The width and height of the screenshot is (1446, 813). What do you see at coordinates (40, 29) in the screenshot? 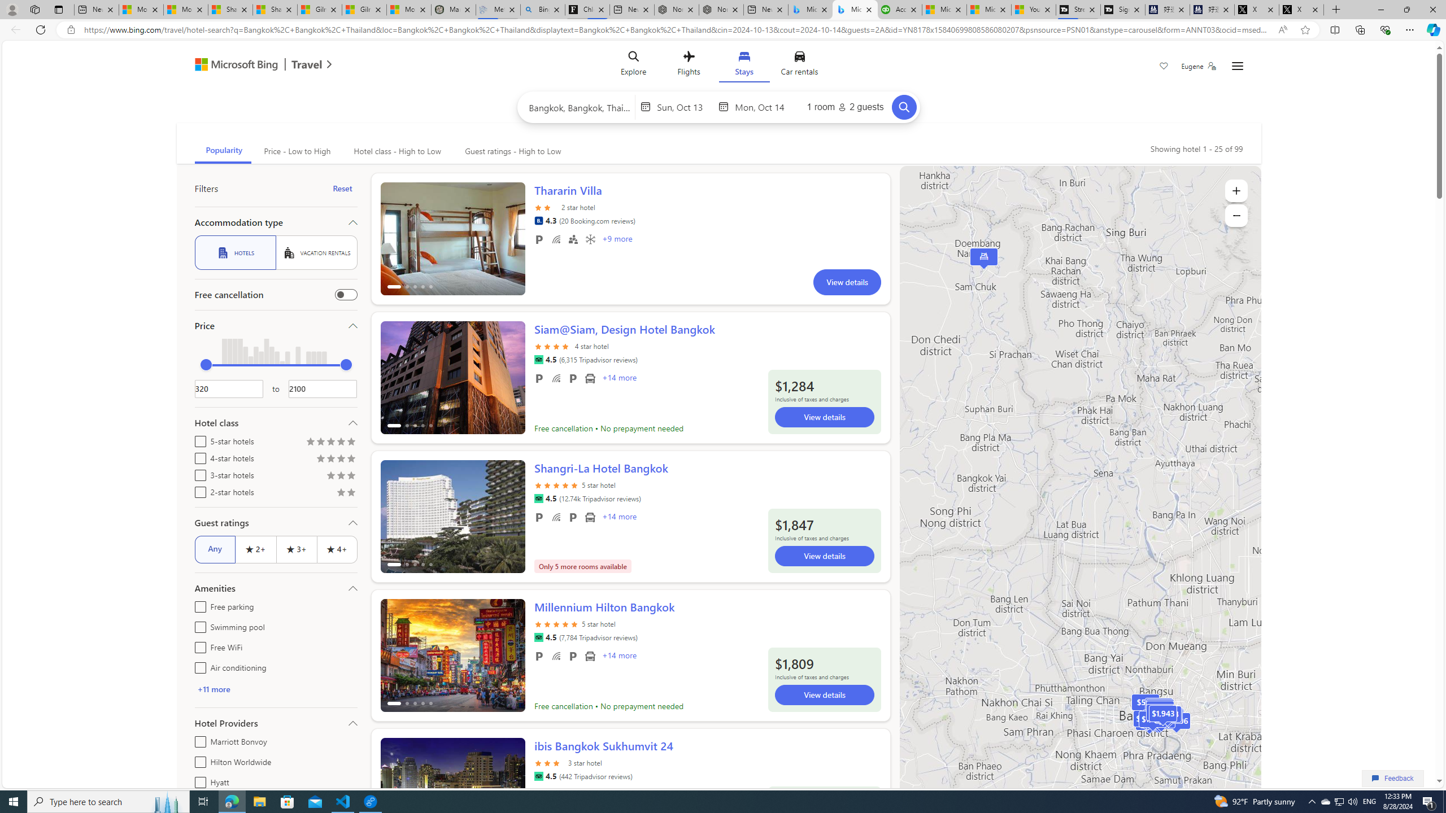
I see `'Refresh'` at bounding box center [40, 29].